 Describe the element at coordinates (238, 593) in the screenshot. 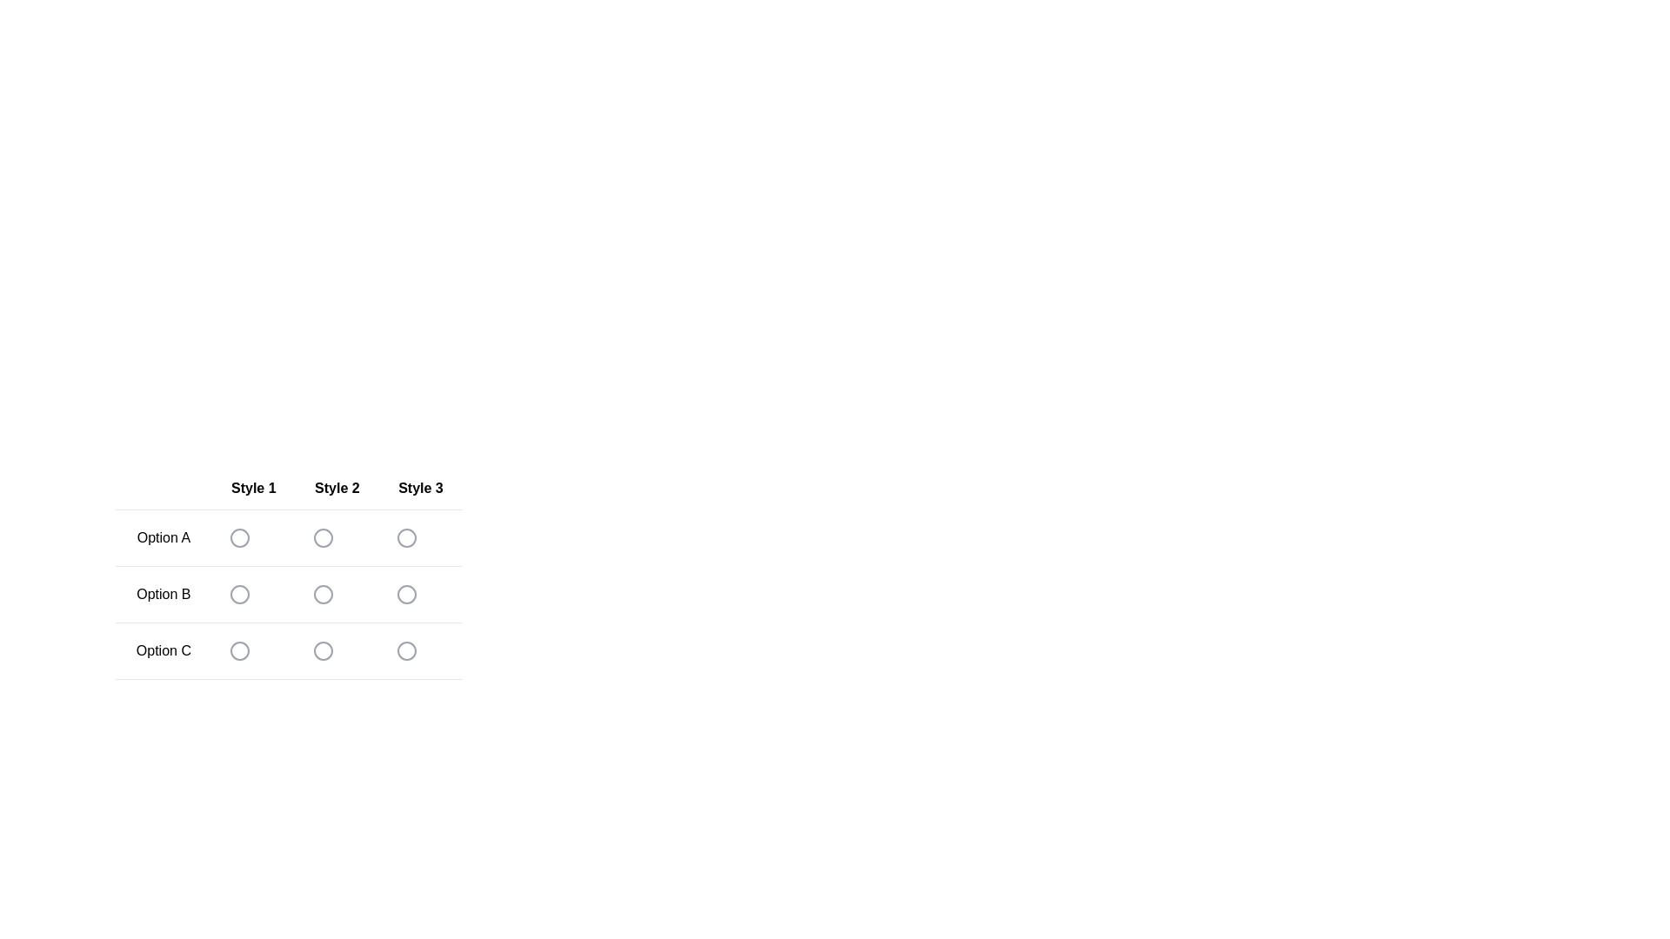

I see `the circular radio button located at the intersection of 'Option B' and 'Style 1'` at that location.